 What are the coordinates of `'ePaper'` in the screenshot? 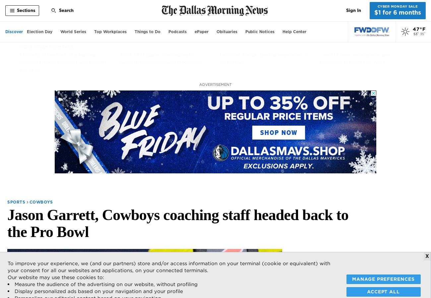 It's located at (202, 31).